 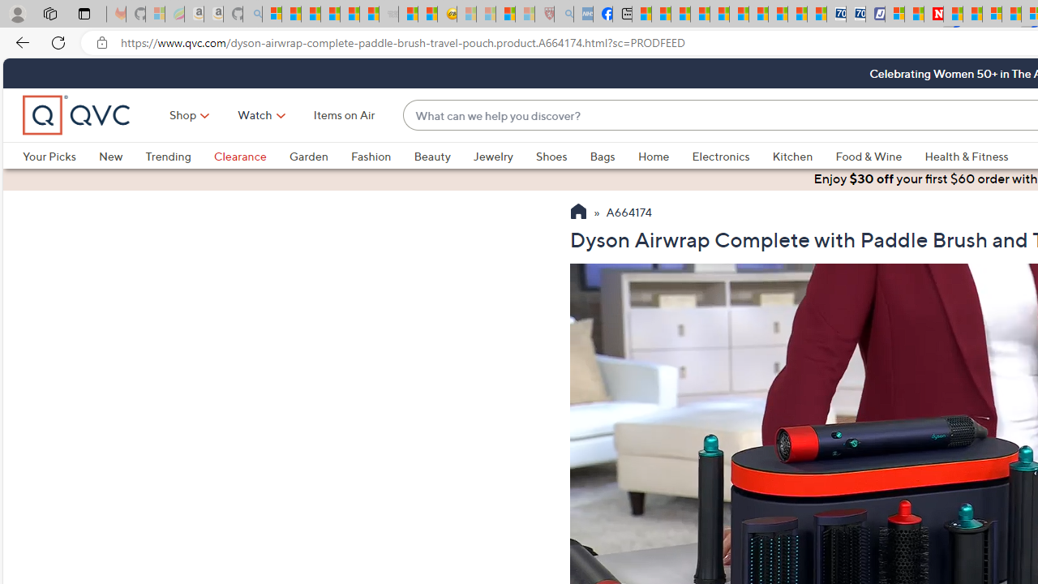 I want to click on 'Food & Wine', so click(x=869, y=156).